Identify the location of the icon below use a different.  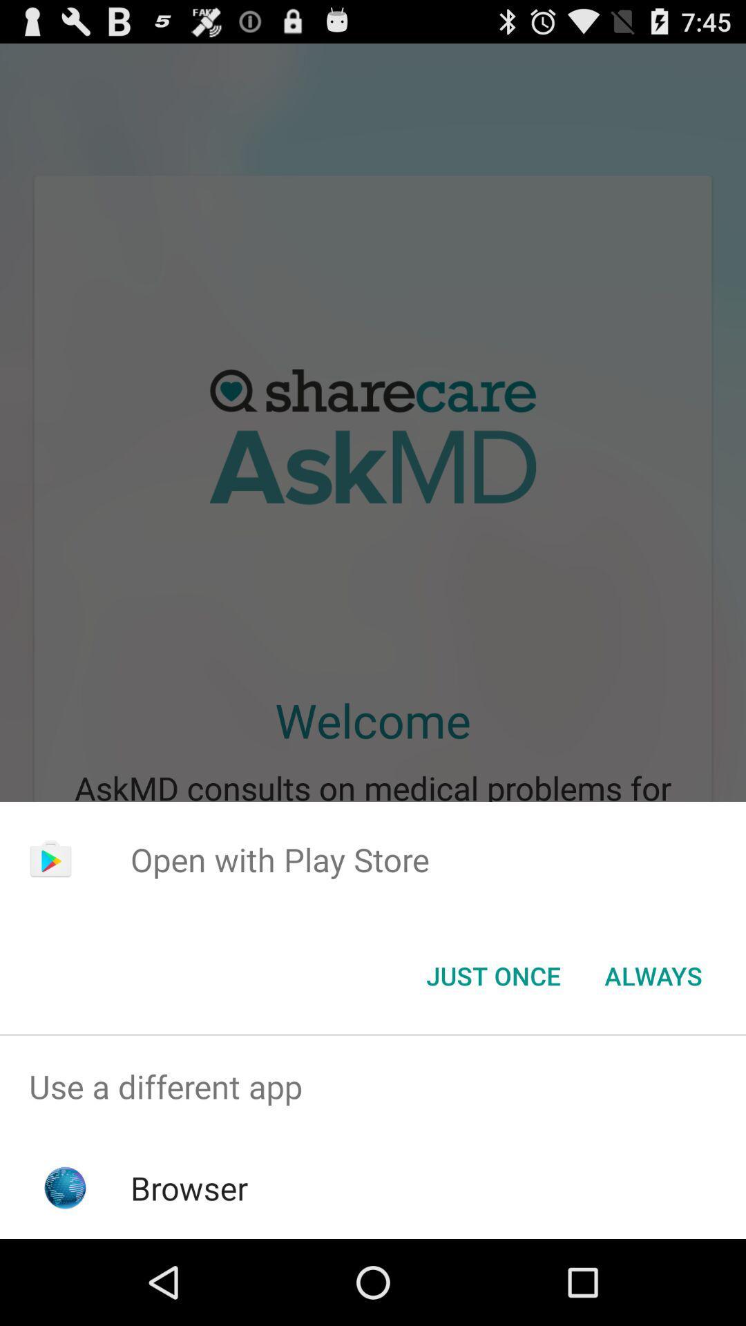
(189, 1187).